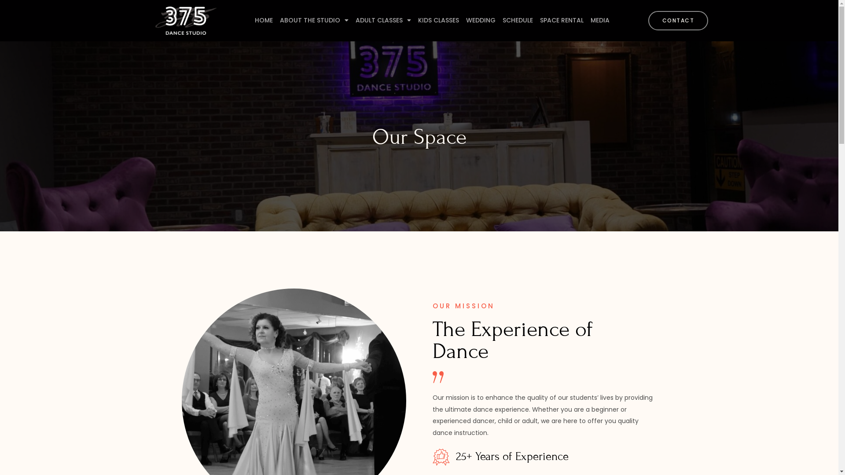  Describe the element at coordinates (518, 20) in the screenshot. I see `'SCHEDULE'` at that location.